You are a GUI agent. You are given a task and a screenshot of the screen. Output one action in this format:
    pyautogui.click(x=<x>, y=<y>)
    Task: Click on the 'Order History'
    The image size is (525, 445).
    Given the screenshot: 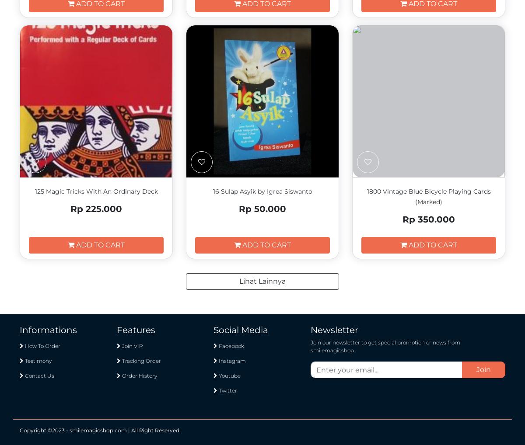 What is the action you would take?
    pyautogui.click(x=138, y=375)
    